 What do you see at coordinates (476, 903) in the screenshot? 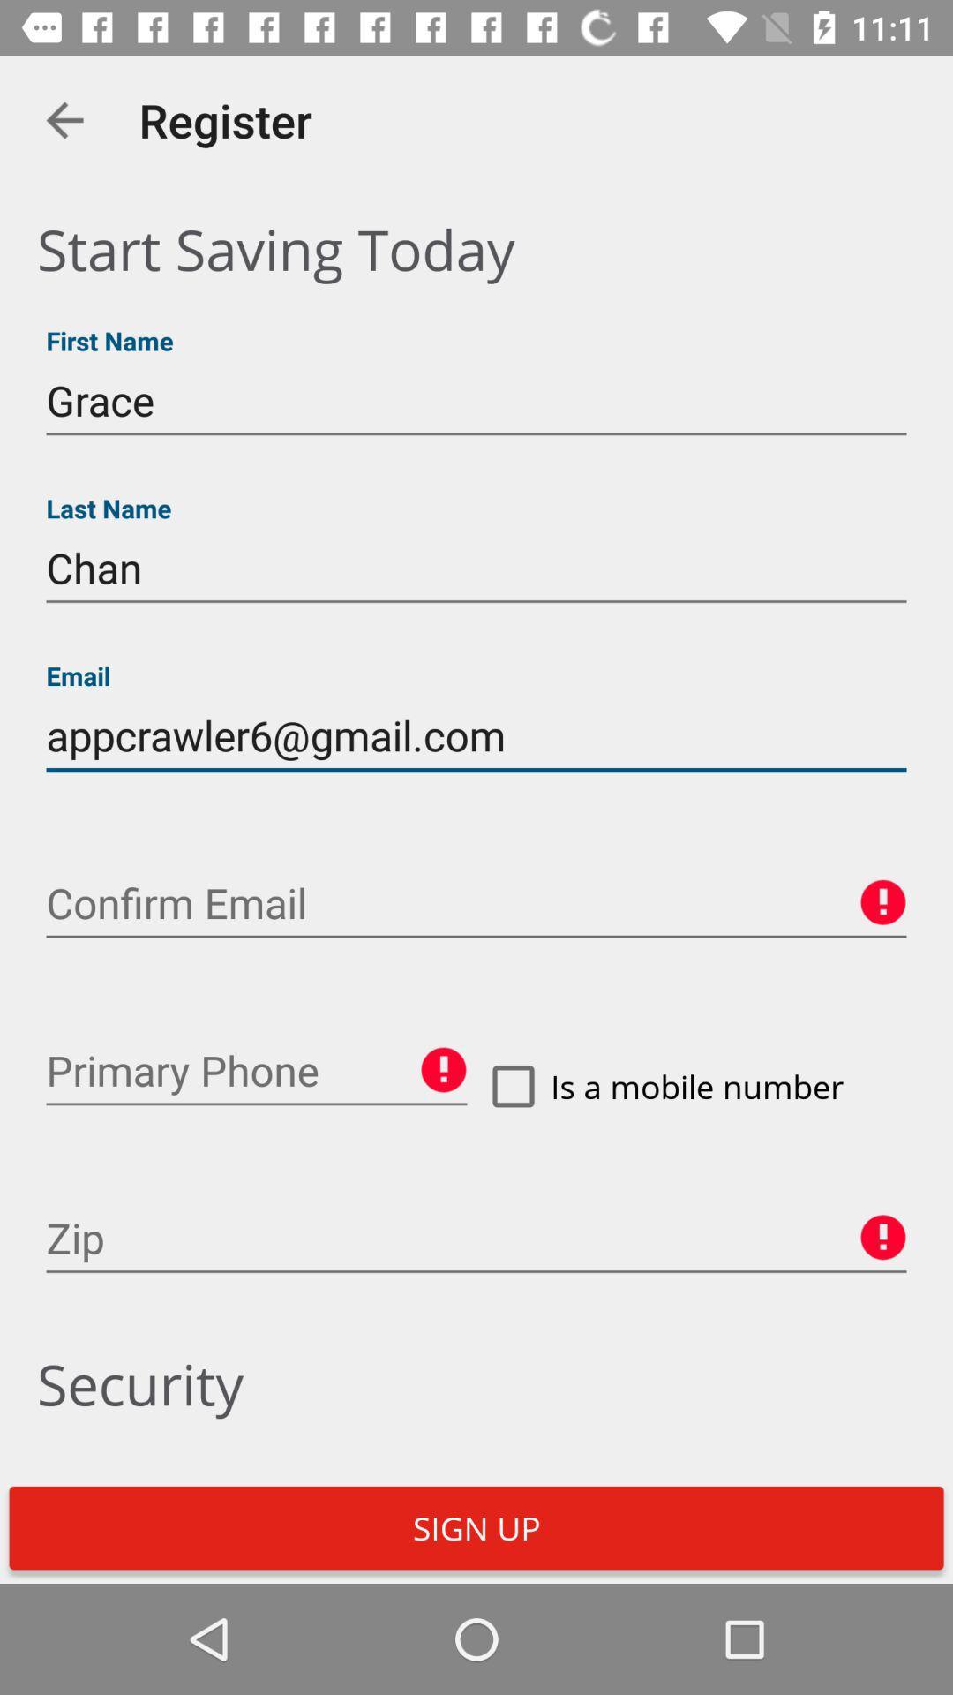
I see `confirm email` at bounding box center [476, 903].